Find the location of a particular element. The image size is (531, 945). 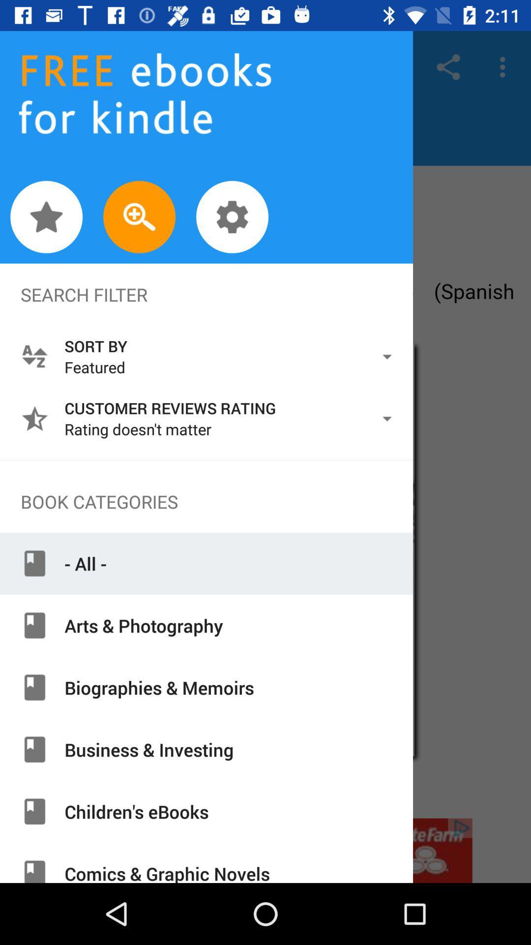

kindle ebook selection is located at coordinates (265, 492).